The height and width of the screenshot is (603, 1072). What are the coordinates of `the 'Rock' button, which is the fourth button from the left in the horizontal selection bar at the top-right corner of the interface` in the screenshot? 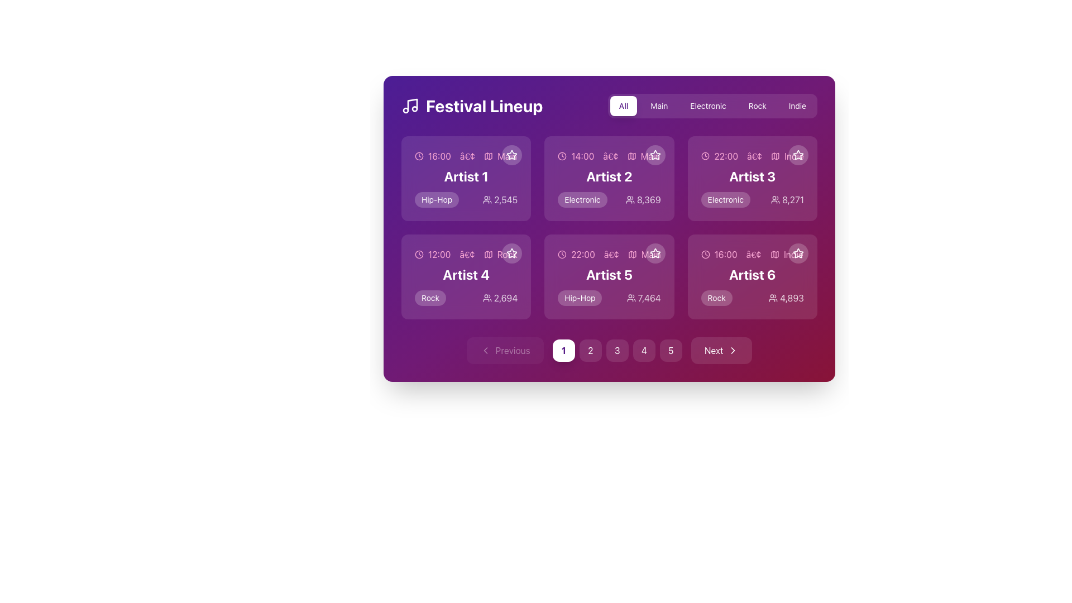 It's located at (757, 106).